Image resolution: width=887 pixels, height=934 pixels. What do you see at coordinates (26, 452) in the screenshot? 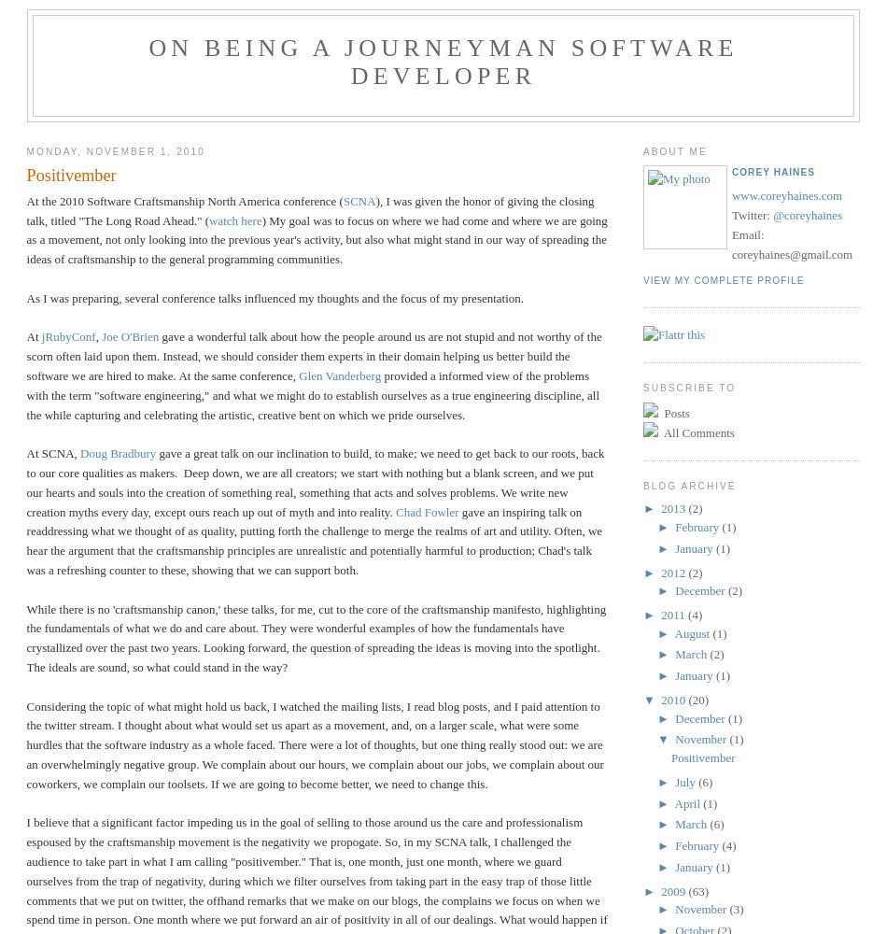
I see `'At SCNA,'` at bounding box center [26, 452].